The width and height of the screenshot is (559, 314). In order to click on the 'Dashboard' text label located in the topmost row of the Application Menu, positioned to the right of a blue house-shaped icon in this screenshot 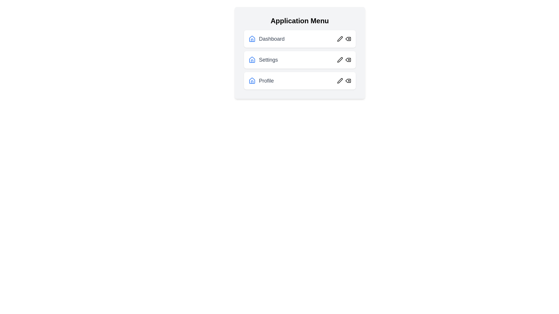, I will do `click(271, 39)`.